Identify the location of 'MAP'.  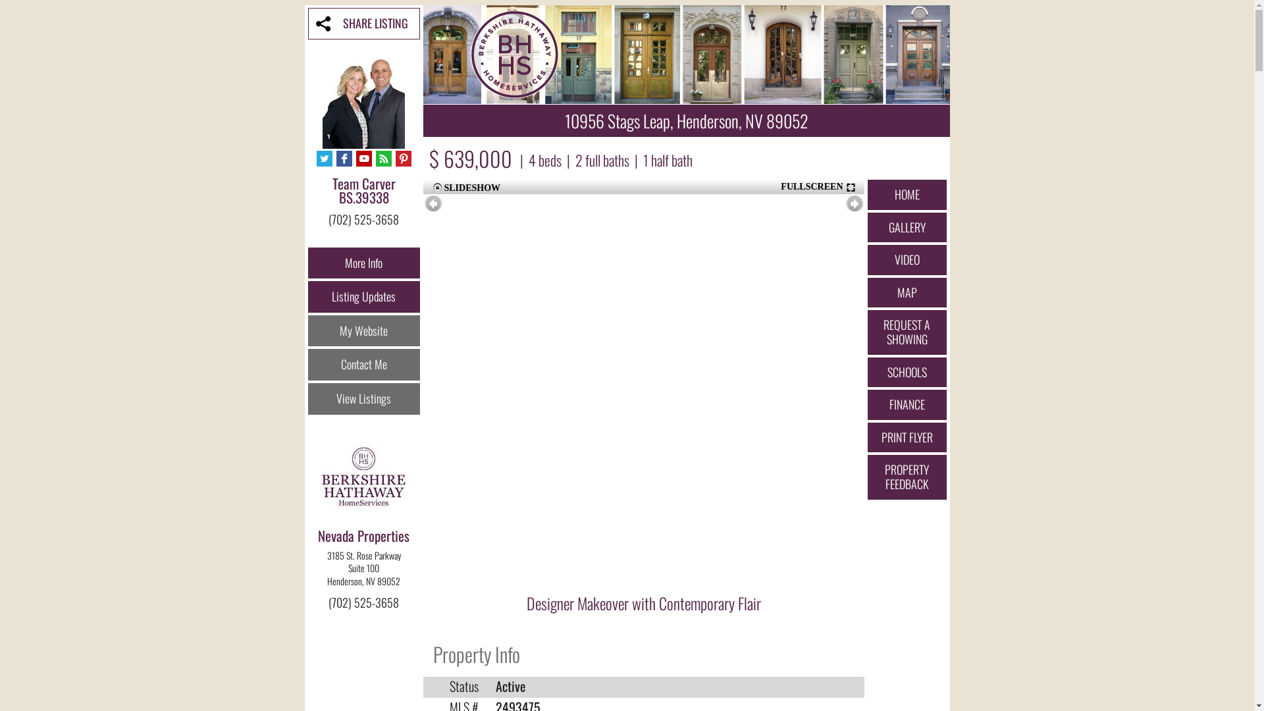
(906, 292).